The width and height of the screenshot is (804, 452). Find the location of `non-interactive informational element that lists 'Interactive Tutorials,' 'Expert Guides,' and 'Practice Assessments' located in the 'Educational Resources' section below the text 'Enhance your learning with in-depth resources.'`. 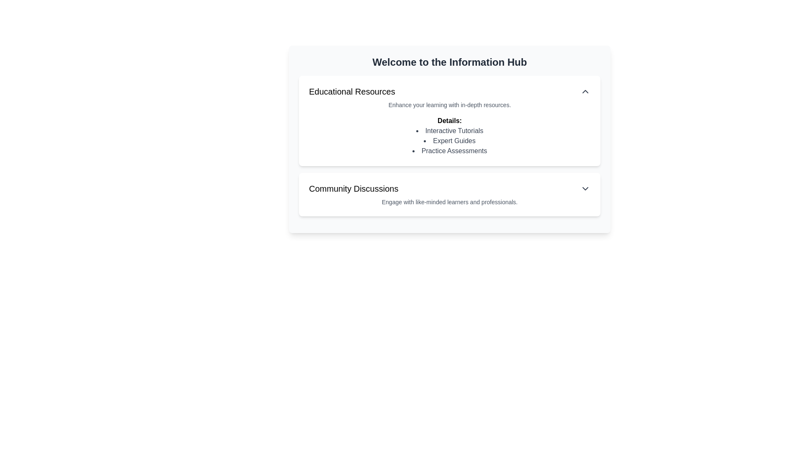

non-interactive informational element that lists 'Interactive Tutorials,' 'Expert Guides,' and 'Practice Assessments' located in the 'Educational Resources' section below the text 'Enhance your learning with in-depth resources.' is located at coordinates (449, 135).